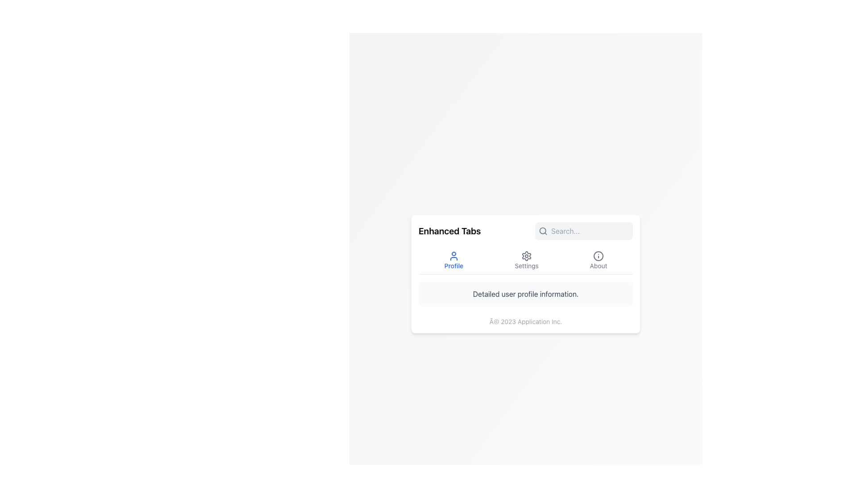  I want to click on the descriptive Text block that provides information about user profiles, located centrally under the navigation options and above the footer text, so click(525, 294).